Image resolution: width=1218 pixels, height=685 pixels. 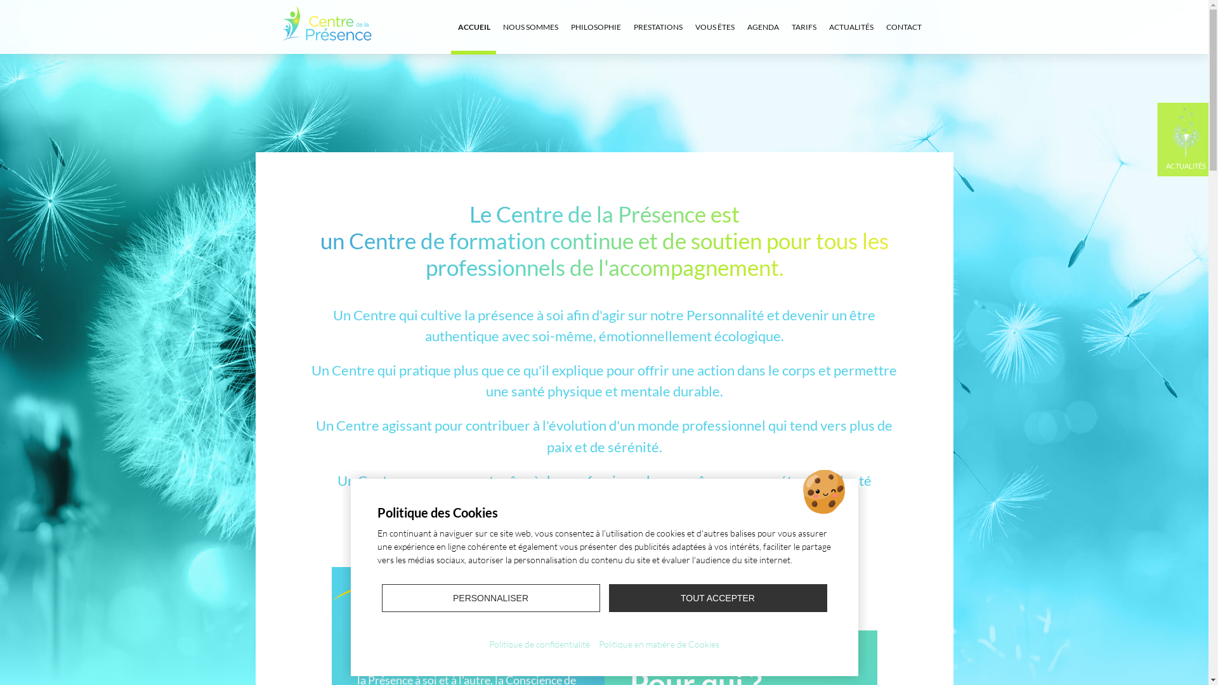 What do you see at coordinates (803, 27) in the screenshot?
I see `'TARIFS'` at bounding box center [803, 27].